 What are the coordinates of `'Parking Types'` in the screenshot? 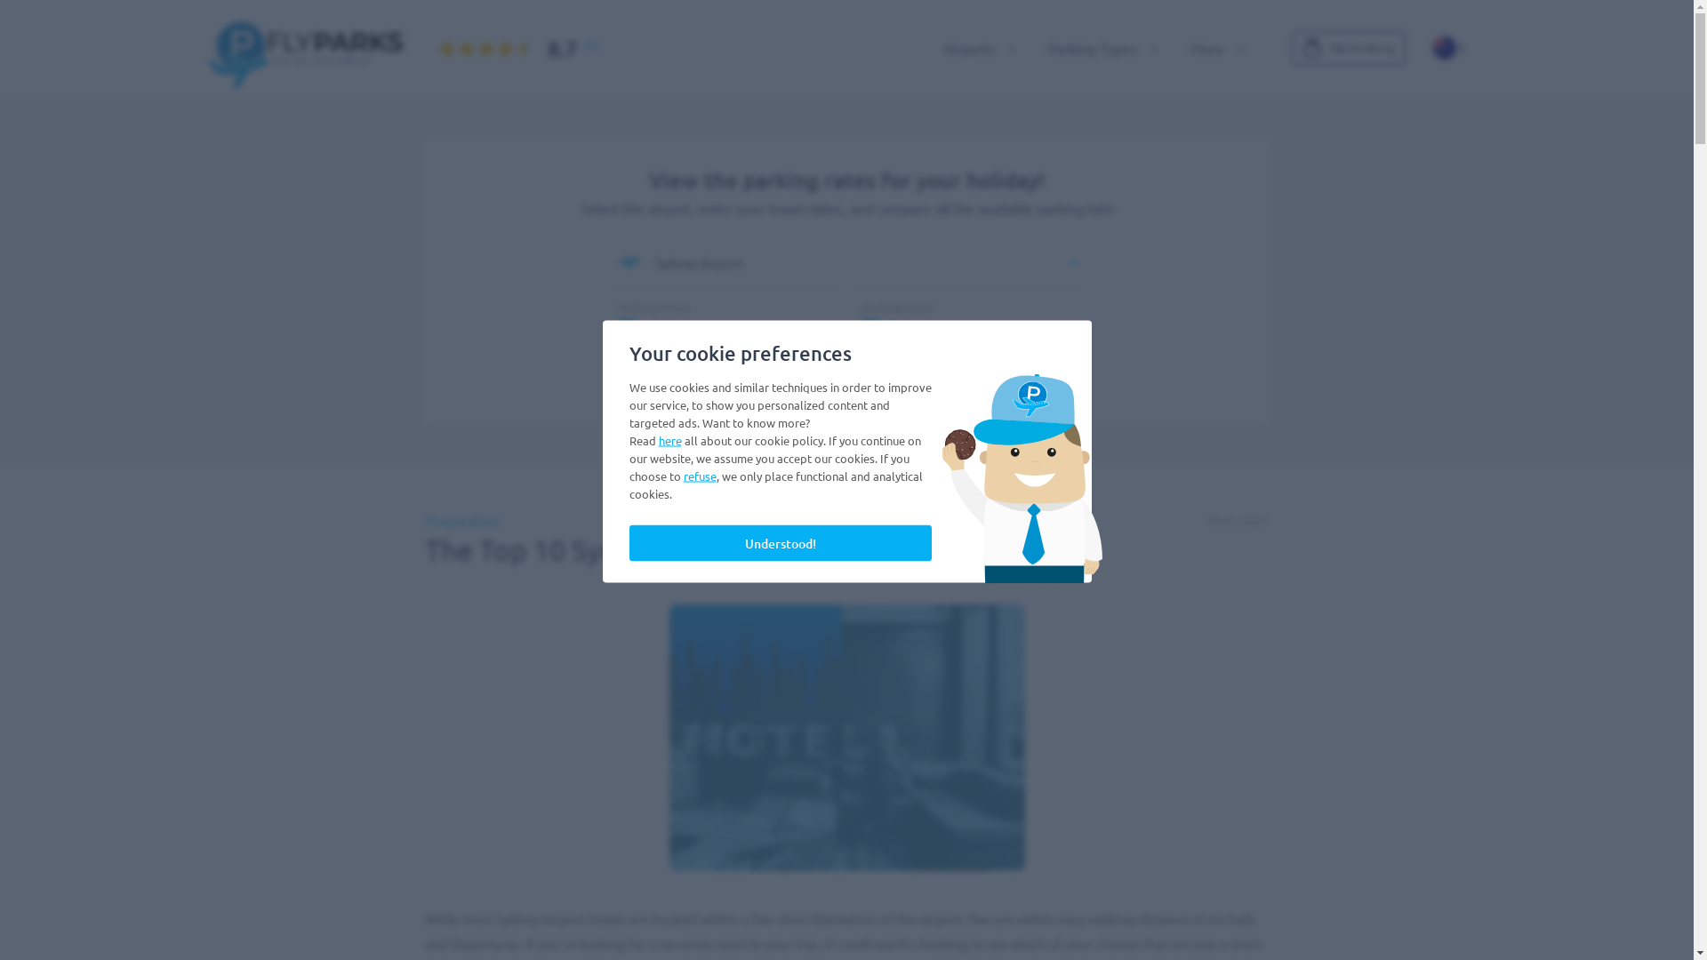 It's located at (1096, 47).